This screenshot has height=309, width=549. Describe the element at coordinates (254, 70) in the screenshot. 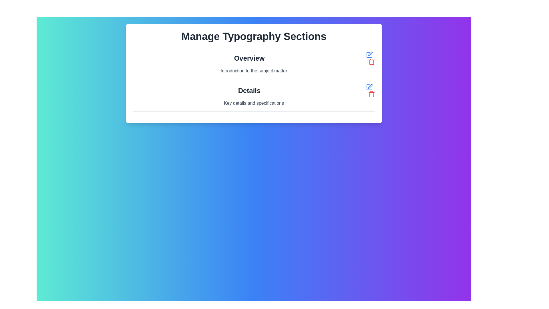

I see `the static text displaying 'Introduction to the subject matter', which is styled in gray and located below the 'Overview' heading` at that location.